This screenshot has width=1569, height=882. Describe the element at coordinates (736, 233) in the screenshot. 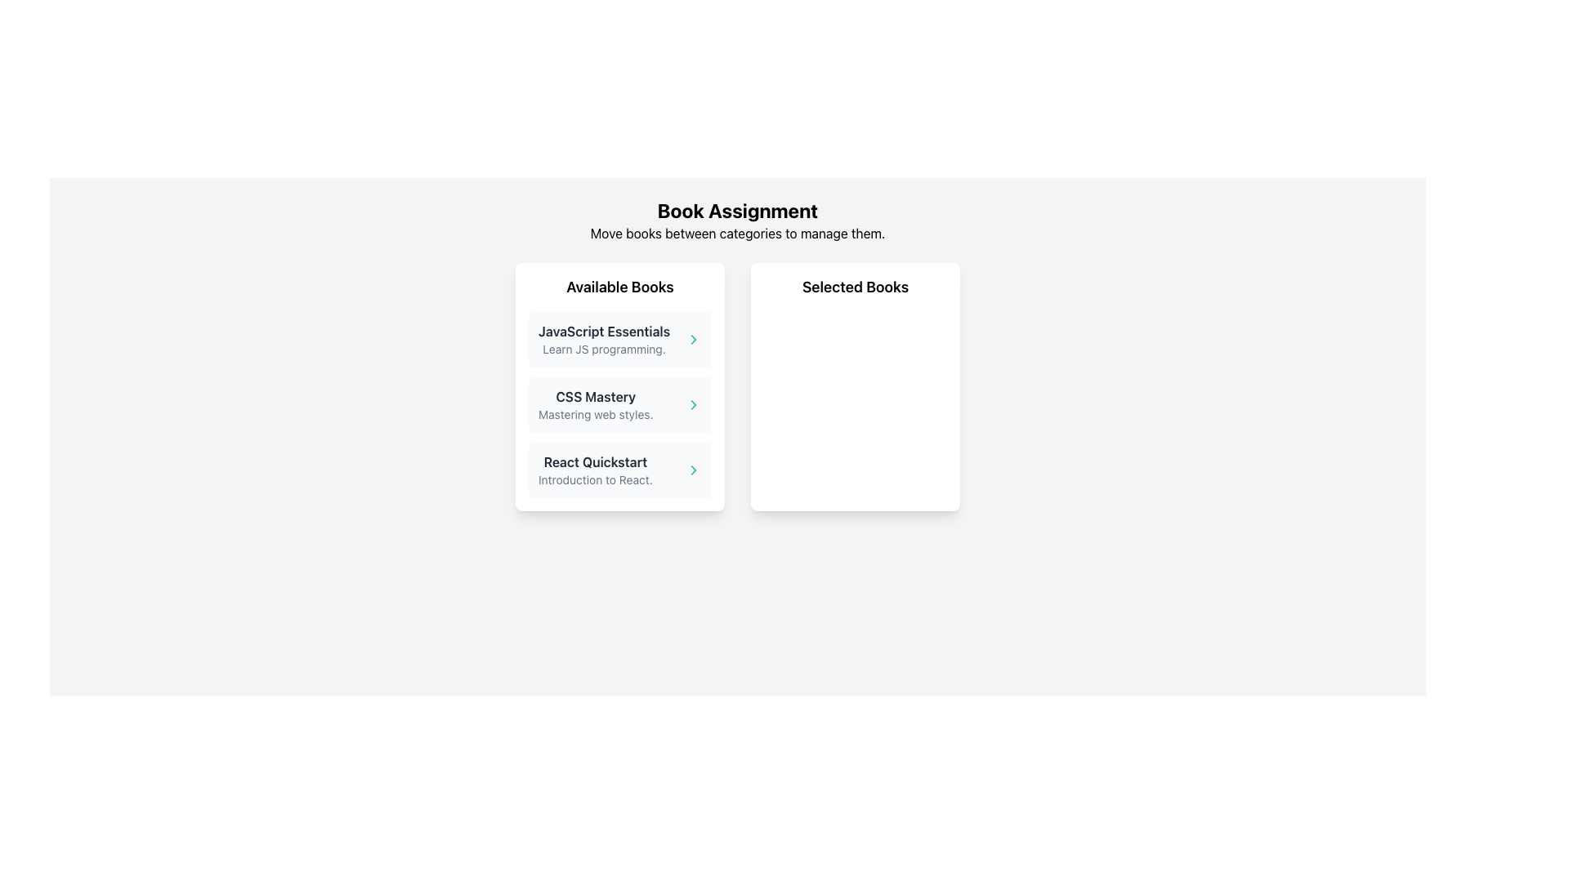

I see `descriptive instruction text located directly below the 'Book Assignment' title, which is horizontally centered in the interface` at that location.